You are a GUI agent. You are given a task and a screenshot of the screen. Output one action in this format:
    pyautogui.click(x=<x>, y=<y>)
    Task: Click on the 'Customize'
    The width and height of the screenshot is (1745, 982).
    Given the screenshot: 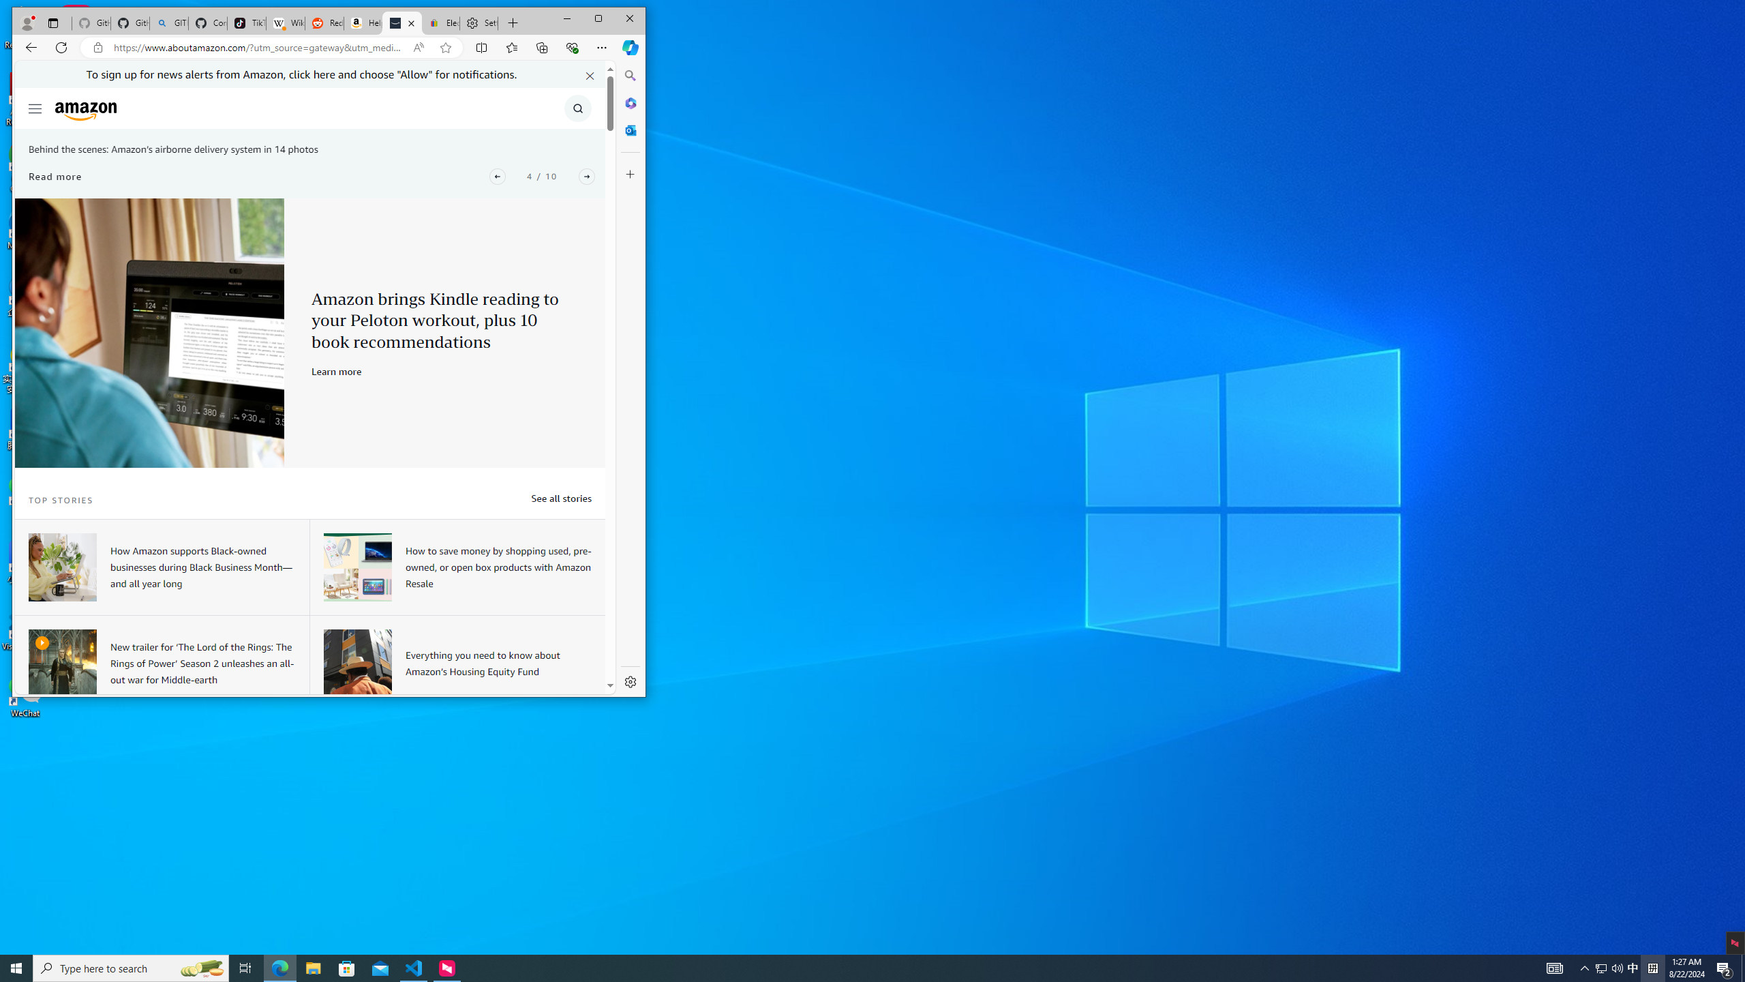 What is the action you would take?
    pyautogui.click(x=630, y=173)
    